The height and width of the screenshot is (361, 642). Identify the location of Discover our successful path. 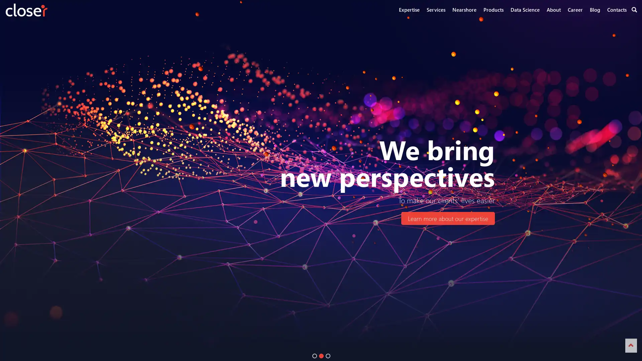
(318, 218).